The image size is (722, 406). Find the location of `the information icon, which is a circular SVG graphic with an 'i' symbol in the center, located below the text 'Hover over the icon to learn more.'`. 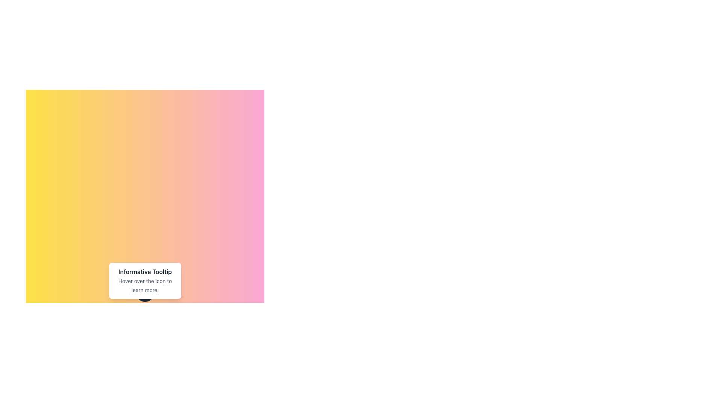

the information icon, which is a circular SVG graphic with an 'i' symbol in the center, located below the text 'Hover over the icon to learn more.' is located at coordinates (145, 292).